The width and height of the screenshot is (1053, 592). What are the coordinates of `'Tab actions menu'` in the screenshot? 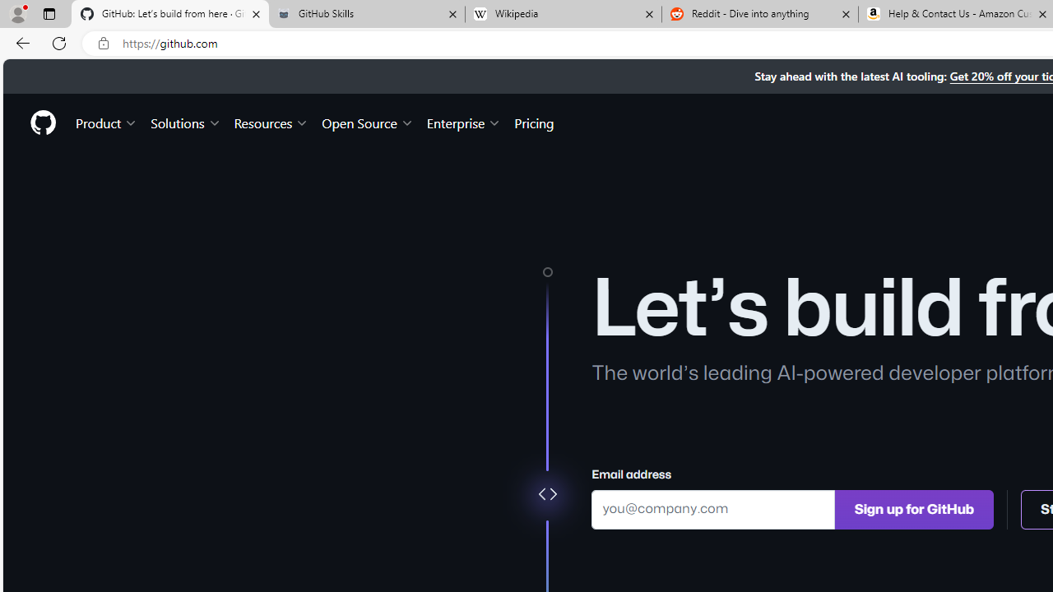 It's located at (49, 13).